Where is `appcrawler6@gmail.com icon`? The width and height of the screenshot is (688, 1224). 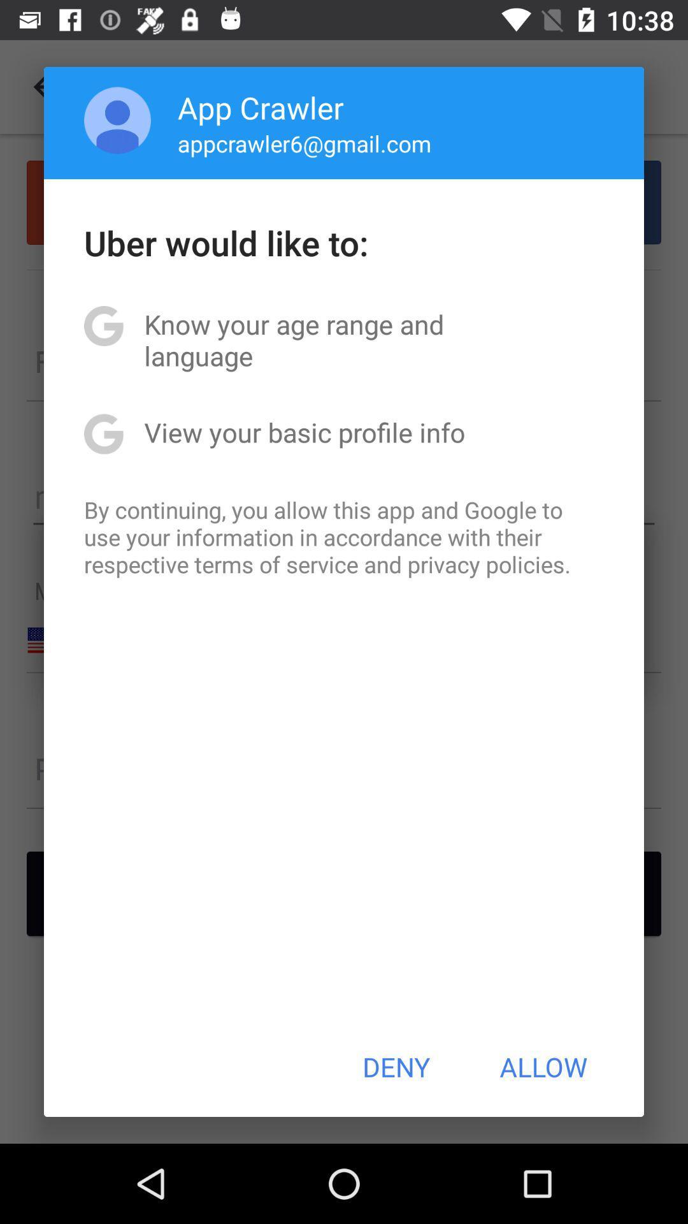 appcrawler6@gmail.com icon is located at coordinates (305, 143).